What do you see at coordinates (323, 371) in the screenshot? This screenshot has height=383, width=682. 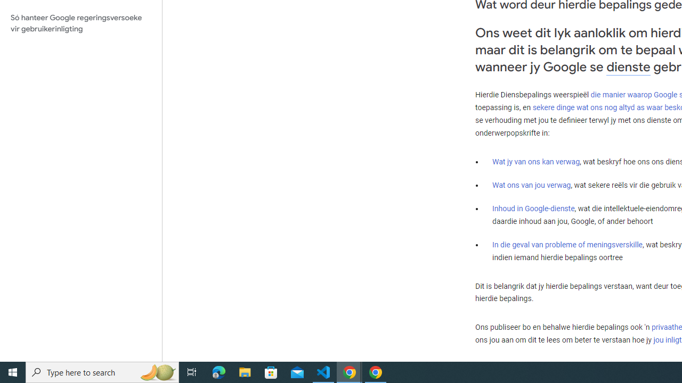 I see `'Visual Studio Code - 1 running window'` at bounding box center [323, 371].